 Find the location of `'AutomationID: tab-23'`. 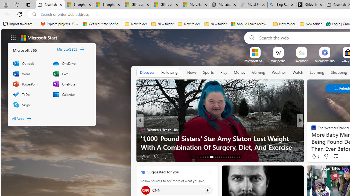

'AutomationID: tab-23' is located at coordinates (226, 157).